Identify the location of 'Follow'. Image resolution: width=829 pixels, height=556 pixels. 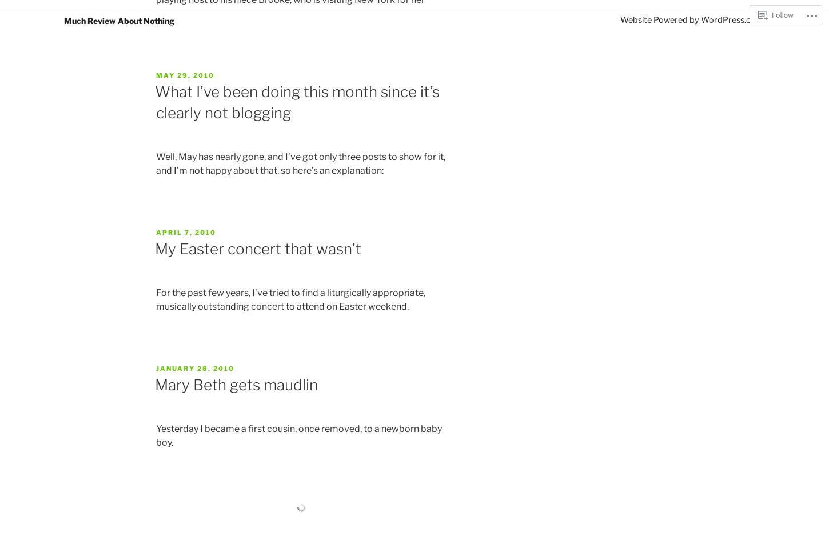
(782, 15).